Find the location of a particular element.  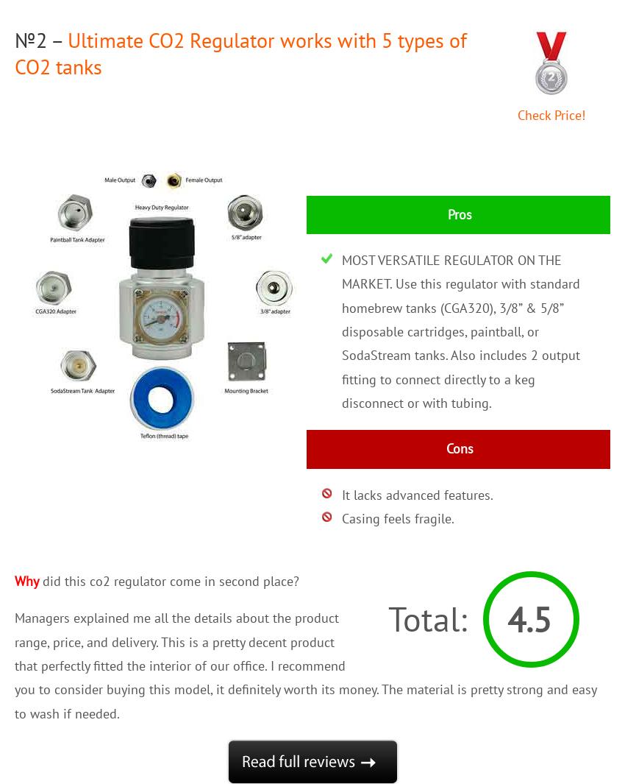

'Managers explained me all the details about the product range, price, and delivery. This is a pretty decent product that perfectly fitted the interior of our office. I recommend you to consider buying this model, it definitely worth its money. The material is pretty strong and easy to wash if needed.' is located at coordinates (13, 665).